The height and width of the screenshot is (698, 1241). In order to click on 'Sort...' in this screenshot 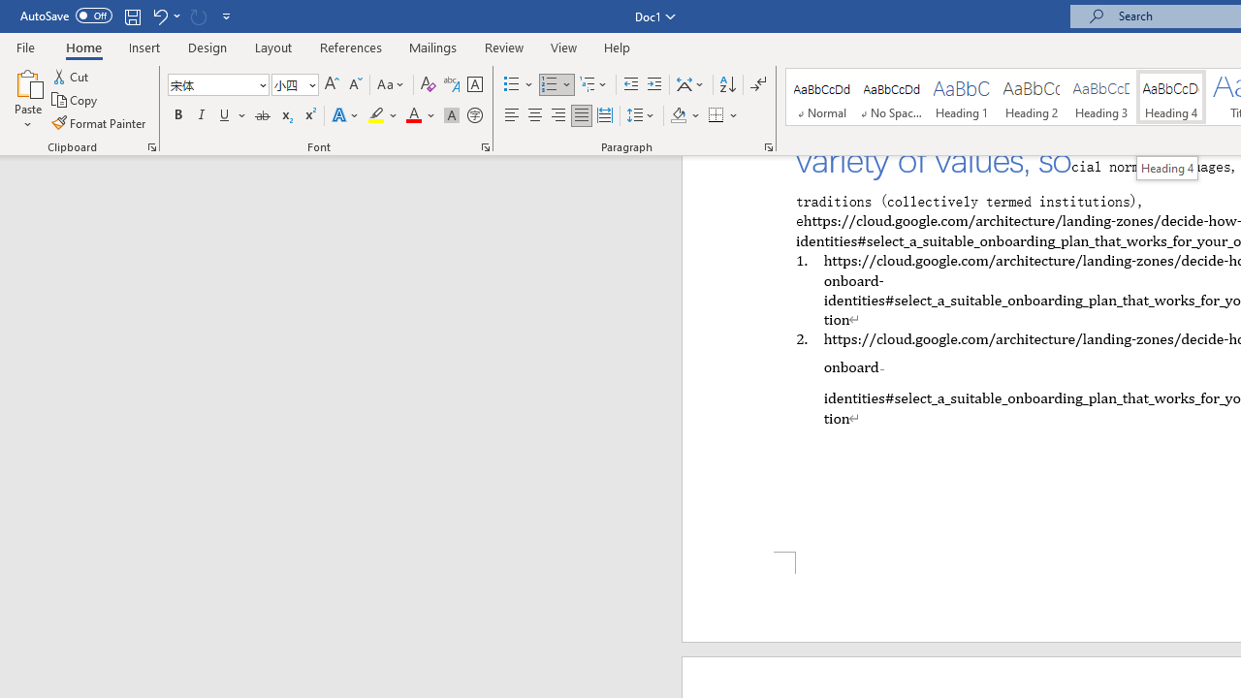, I will do `click(726, 83)`.